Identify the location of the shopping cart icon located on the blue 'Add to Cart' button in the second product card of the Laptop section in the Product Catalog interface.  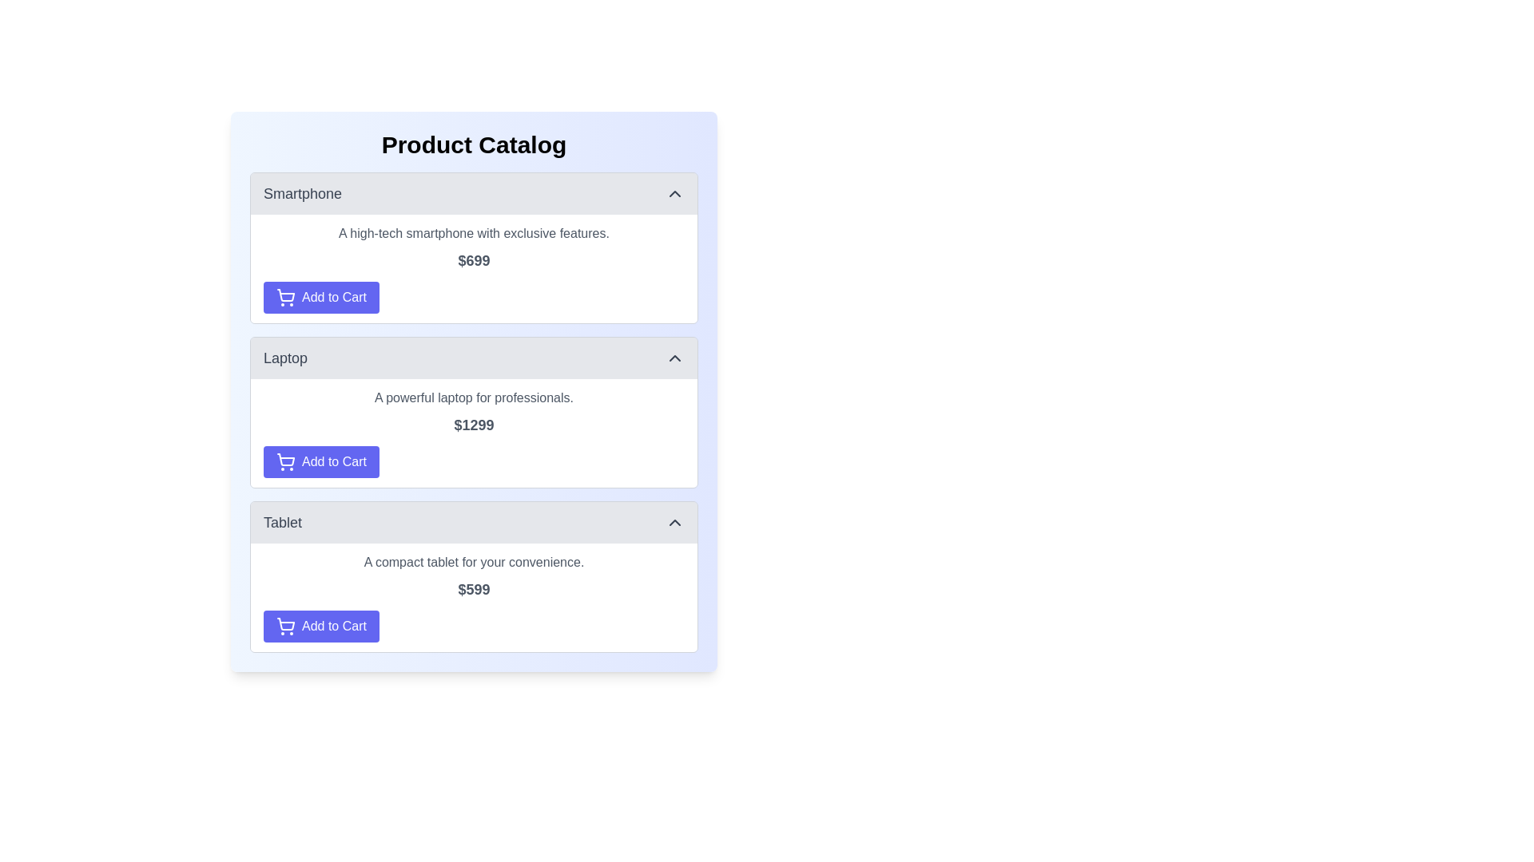
(286, 461).